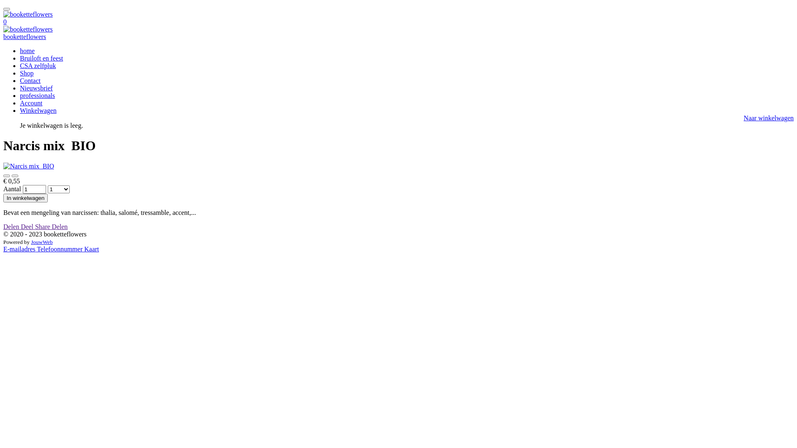  I want to click on 'E-mailadres', so click(20, 248).